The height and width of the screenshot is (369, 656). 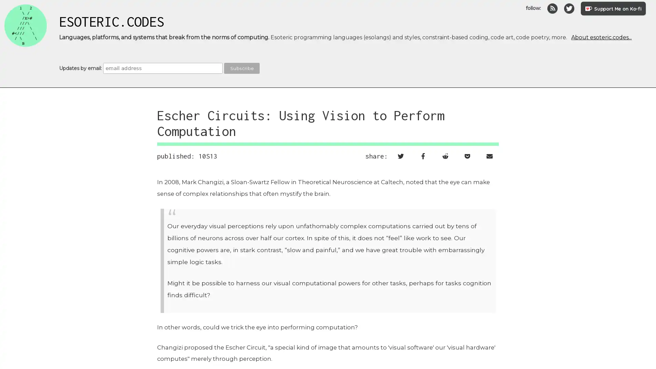 What do you see at coordinates (242, 68) in the screenshot?
I see `Subscribe` at bounding box center [242, 68].